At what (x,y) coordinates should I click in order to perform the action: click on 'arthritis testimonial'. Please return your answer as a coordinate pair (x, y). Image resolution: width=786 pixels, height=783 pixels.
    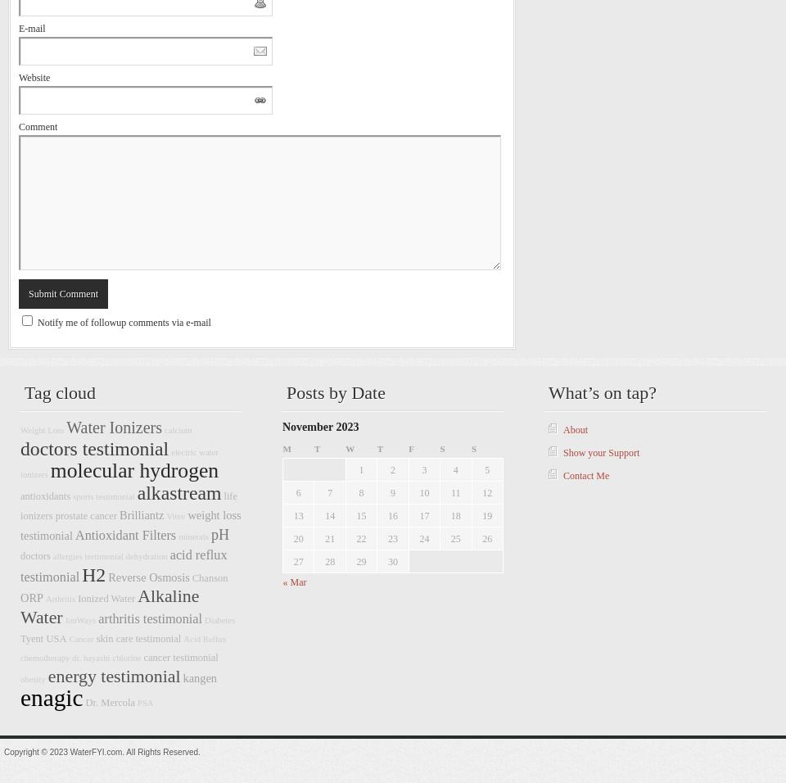
    Looking at the image, I should click on (150, 618).